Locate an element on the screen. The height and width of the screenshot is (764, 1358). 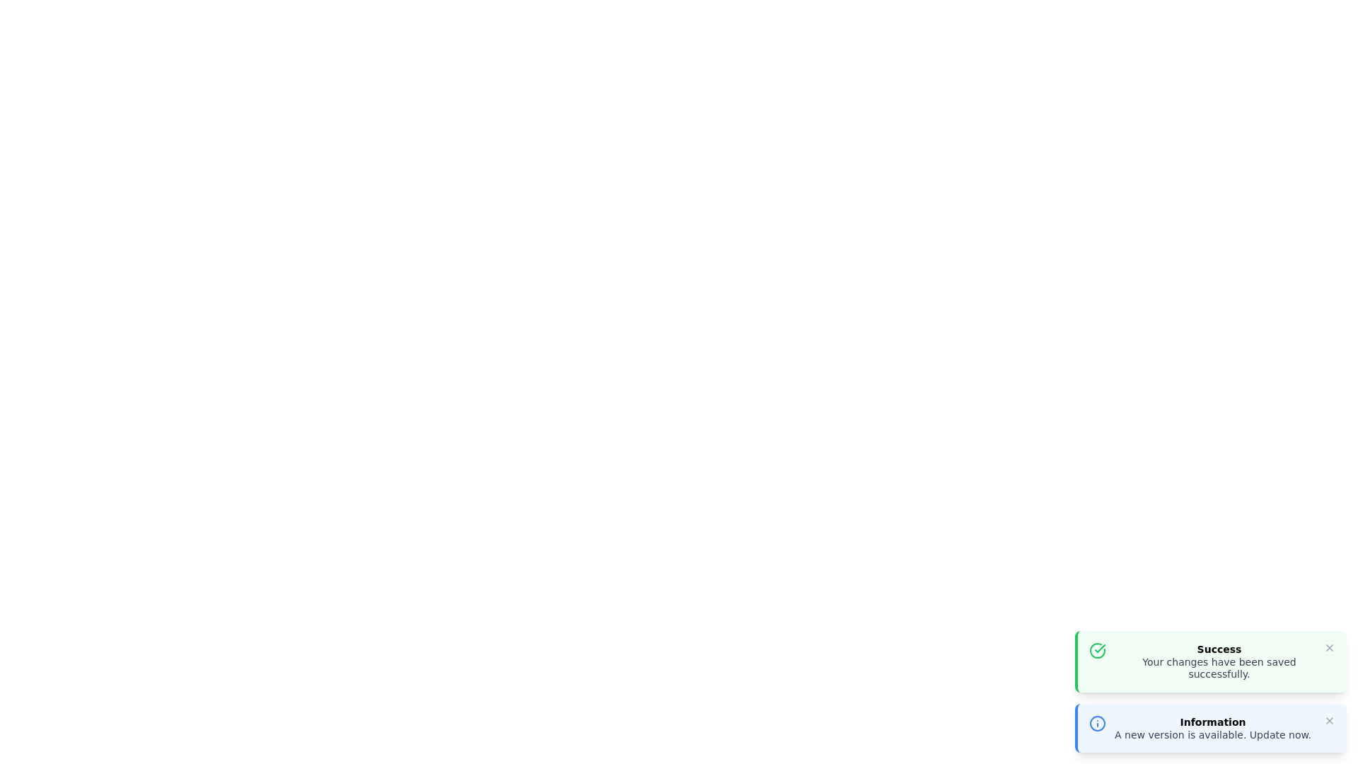
the notification container to explore hover effects is located at coordinates (1210, 661).